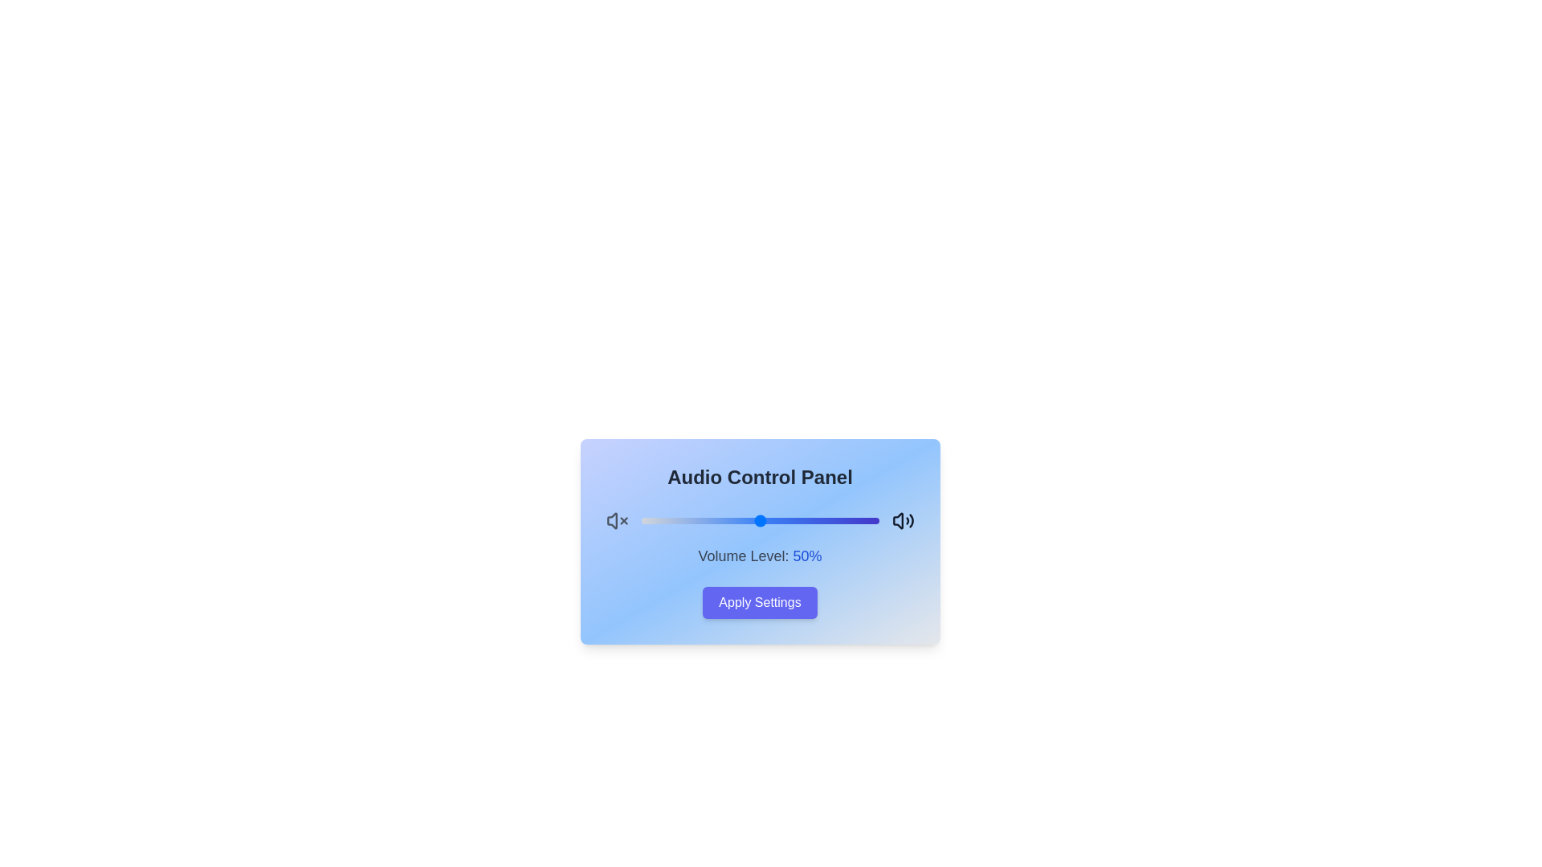  I want to click on the mute volume icon to toggle the audio state, so click(616, 520).